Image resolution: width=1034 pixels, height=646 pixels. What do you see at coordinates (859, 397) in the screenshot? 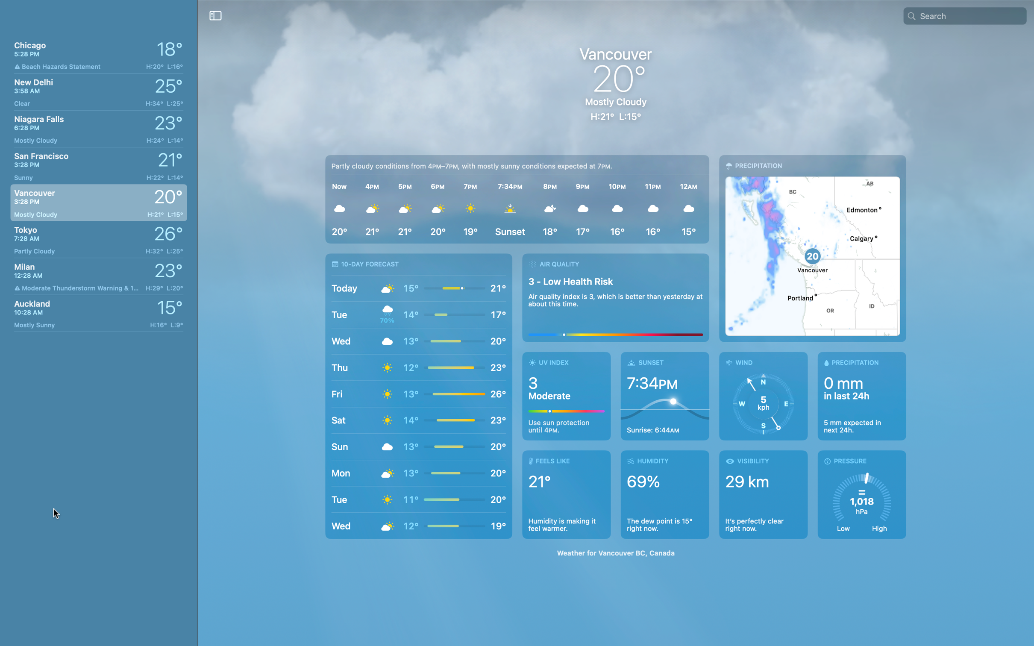
I see `Assess the rainfall in Vancouver` at bounding box center [859, 397].